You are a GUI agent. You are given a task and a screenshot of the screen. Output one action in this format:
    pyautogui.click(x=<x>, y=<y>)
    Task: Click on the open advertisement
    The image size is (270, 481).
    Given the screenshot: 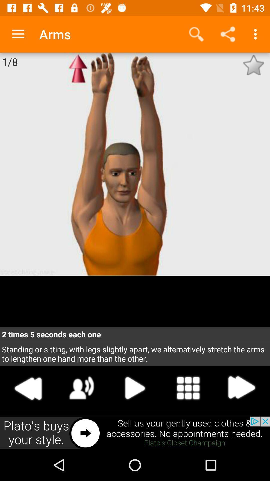 What is the action you would take?
    pyautogui.click(x=135, y=433)
    